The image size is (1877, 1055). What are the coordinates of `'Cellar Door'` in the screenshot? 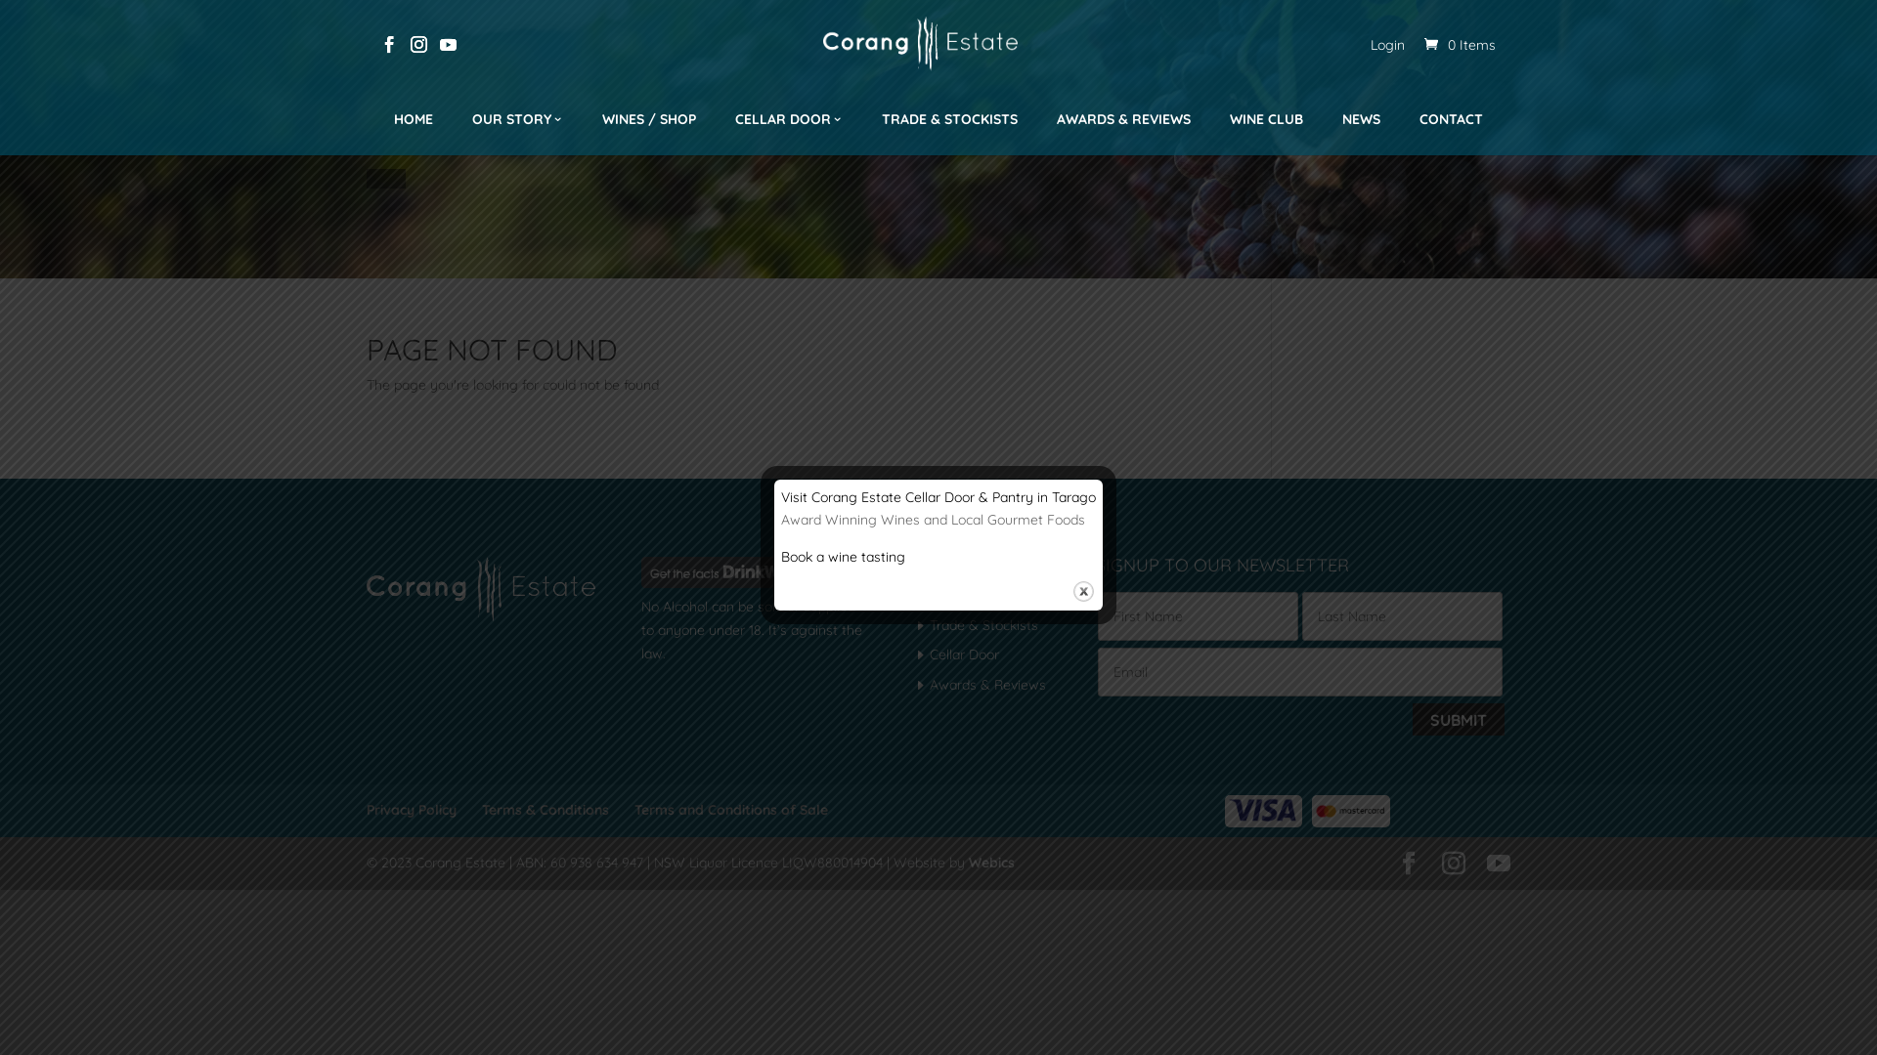 It's located at (928, 654).